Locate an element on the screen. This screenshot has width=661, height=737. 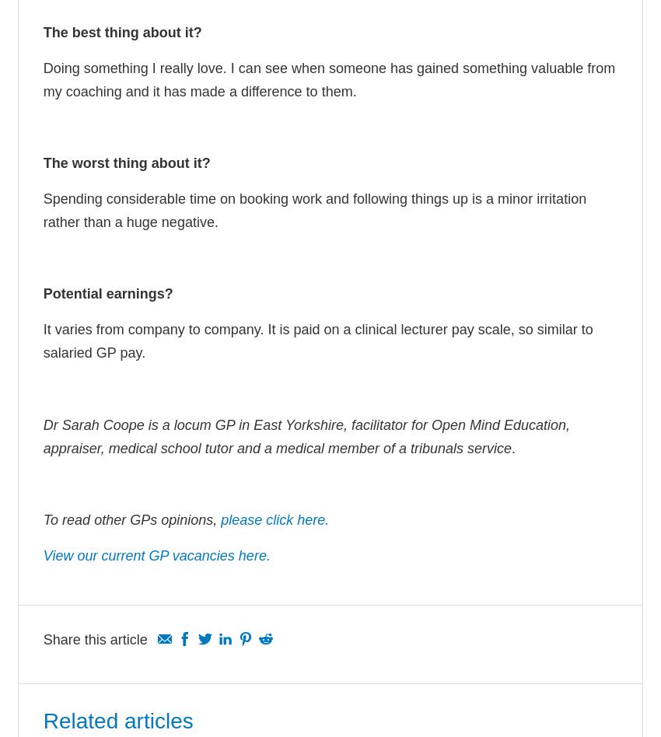
'Potential earnings?' is located at coordinates (42, 292).